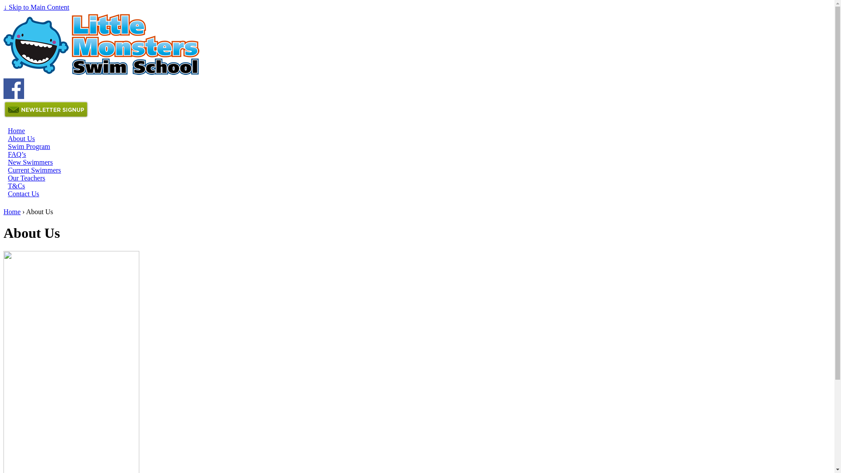 The width and height of the screenshot is (841, 473). What do you see at coordinates (16, 131) in the screenshot?
I see `'Home'` at bounding box center [16, 131].